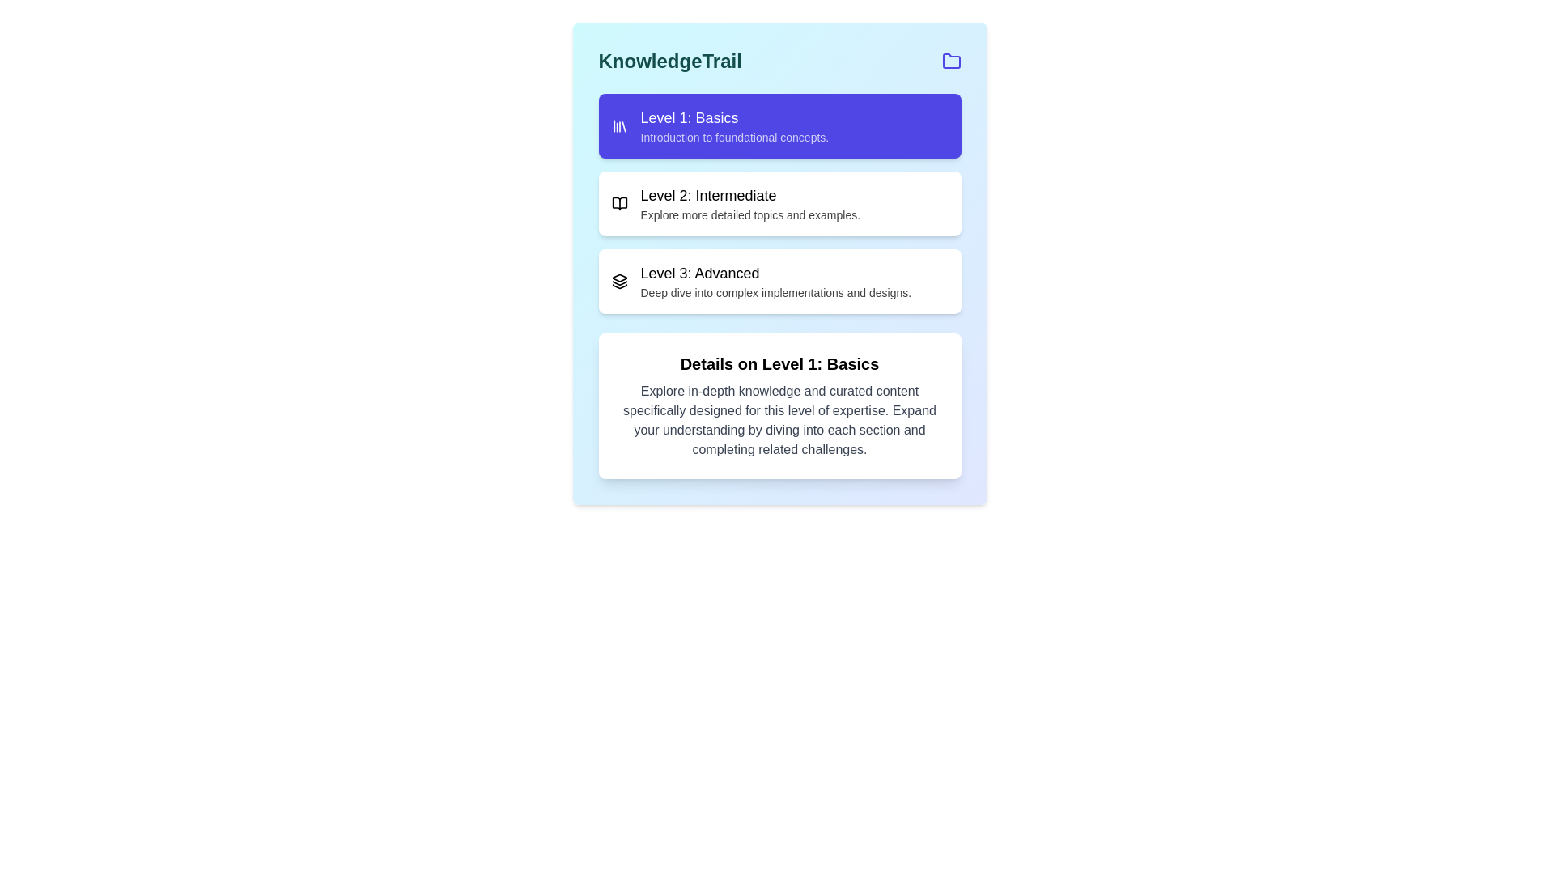 The height and width of the screenshot is (874, 1554). What do you see at coordinates (779, 364) in the screenshot?
I see `Text header that introduces users to Level 1 of the progression system, located within a white card styled box above a descriptive paragraph` at bounding box center [779, 364].